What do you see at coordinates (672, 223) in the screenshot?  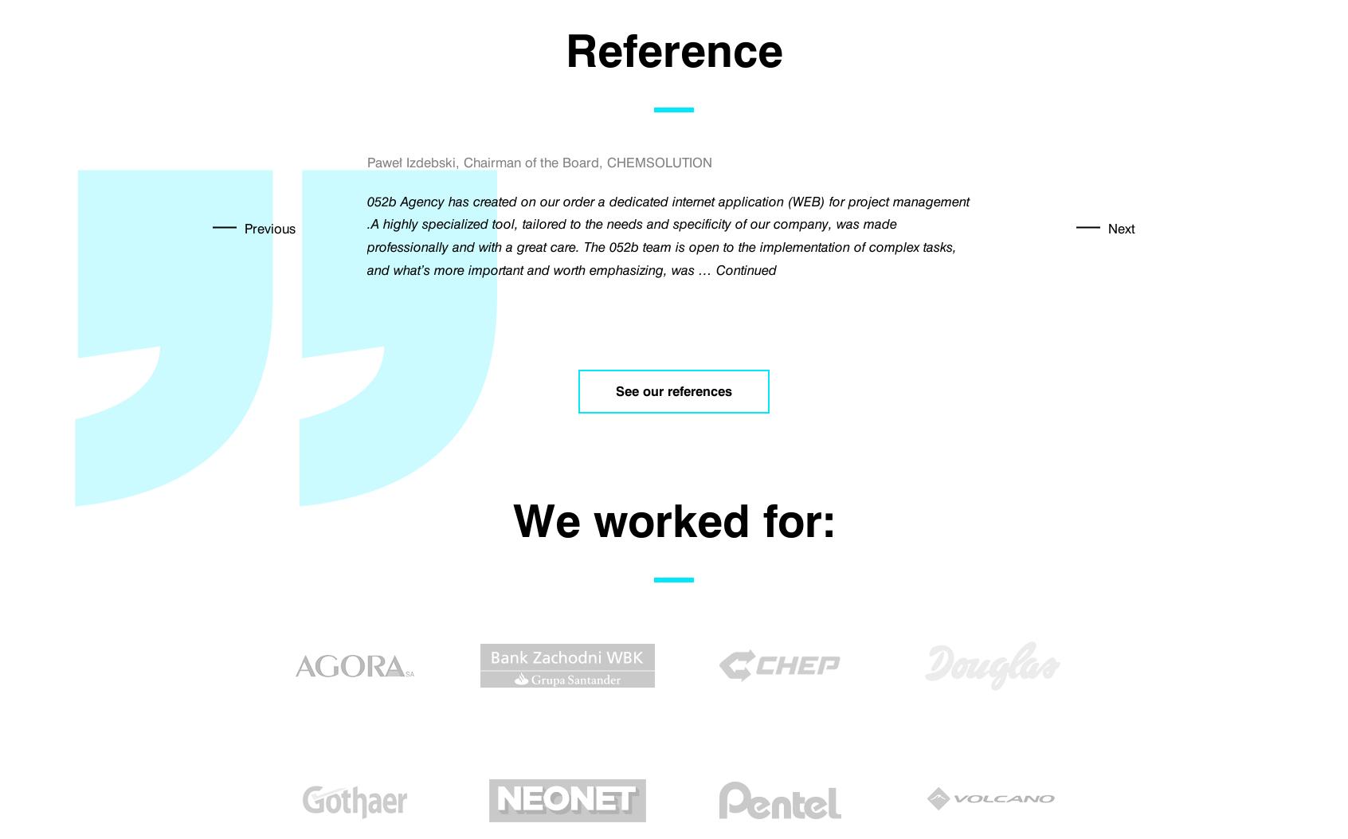 I see `'052b Agency in 2016 made a new website for Galeria Miejska bwa. The work went smoothly and the new site was launched according to the deadline. Because the appearance of the page came itself from an external designer, the Agency had to put in a lot of work to match the technical possibilities to the …'` at bounding box center [672, 223].